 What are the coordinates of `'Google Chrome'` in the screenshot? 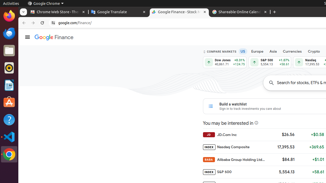 It's located at (45, 3).